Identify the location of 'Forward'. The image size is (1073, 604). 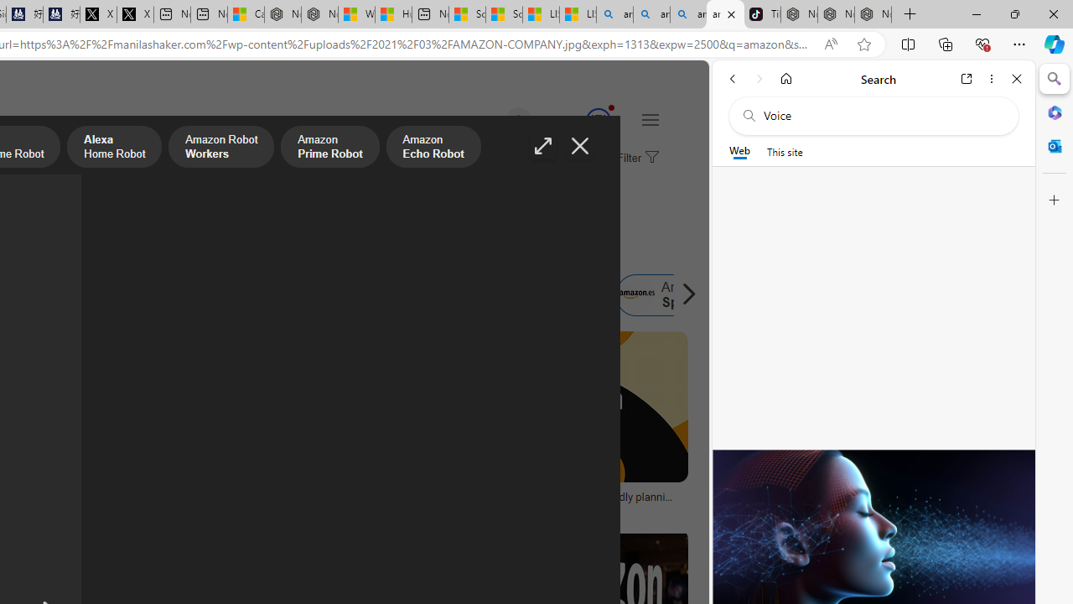
(759, 78).